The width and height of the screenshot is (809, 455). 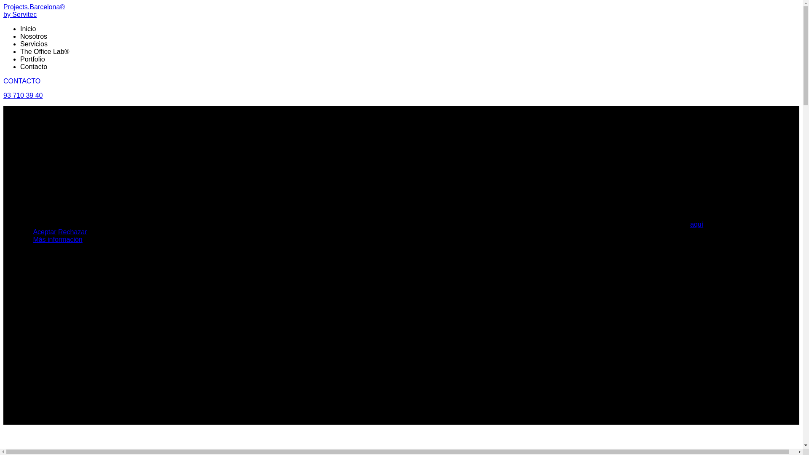 What do you see at coordinates (20, 66) in the screenshot?
I see `'Contacto'` at bounding box center [20, 66].